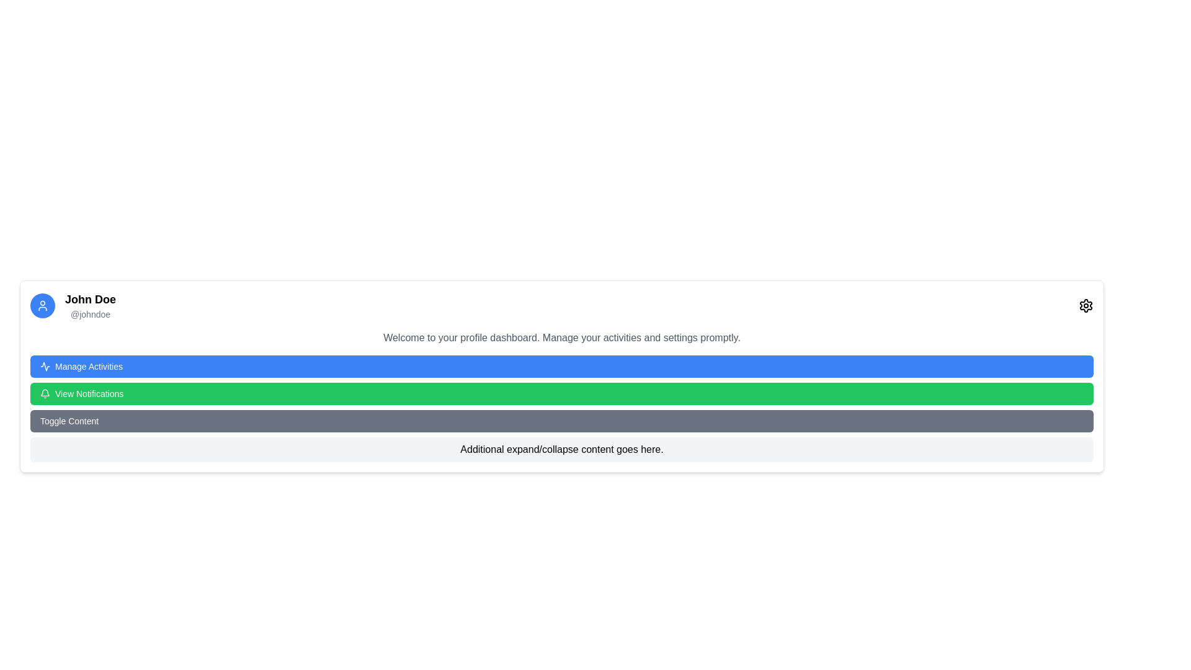  I want to click on the 'John Doe' text display which shows the name and handle '@johndoe' within the profile card, so click(73, 306).